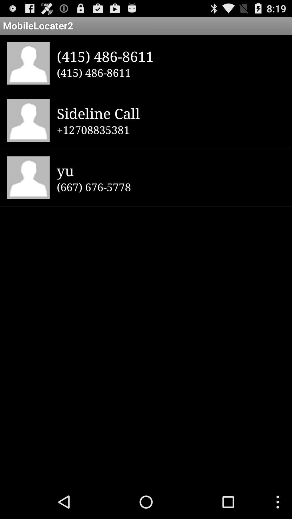 The image size is (292, 519). I want to click on app at the center, so click(171, 187).